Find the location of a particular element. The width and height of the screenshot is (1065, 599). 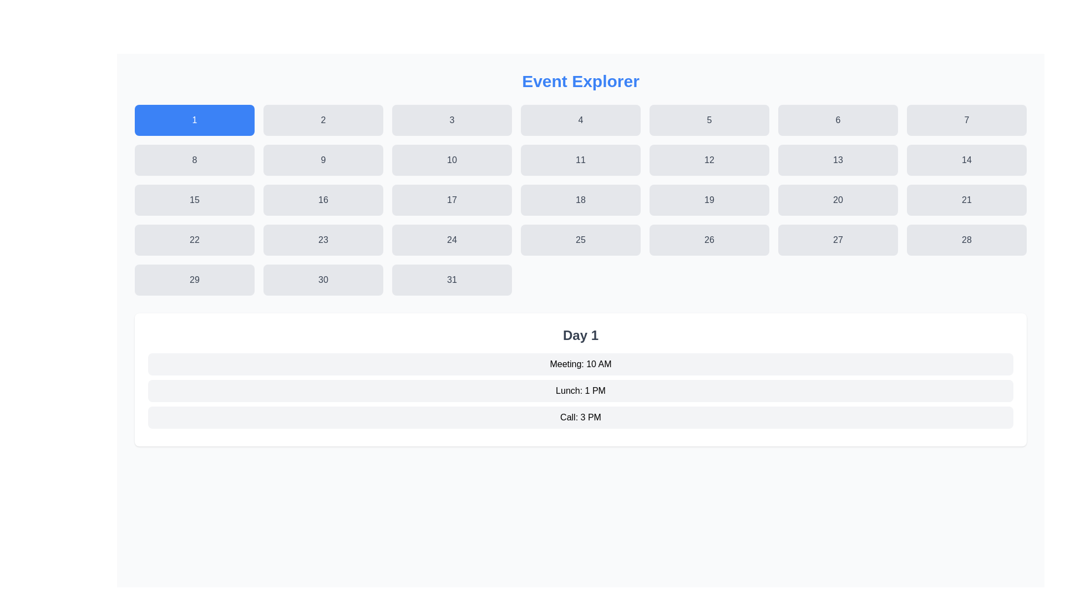

the button representing the 9th day of the month in the Event Explorer calendar grid to scale it visually is located at coordinates (322, 160).